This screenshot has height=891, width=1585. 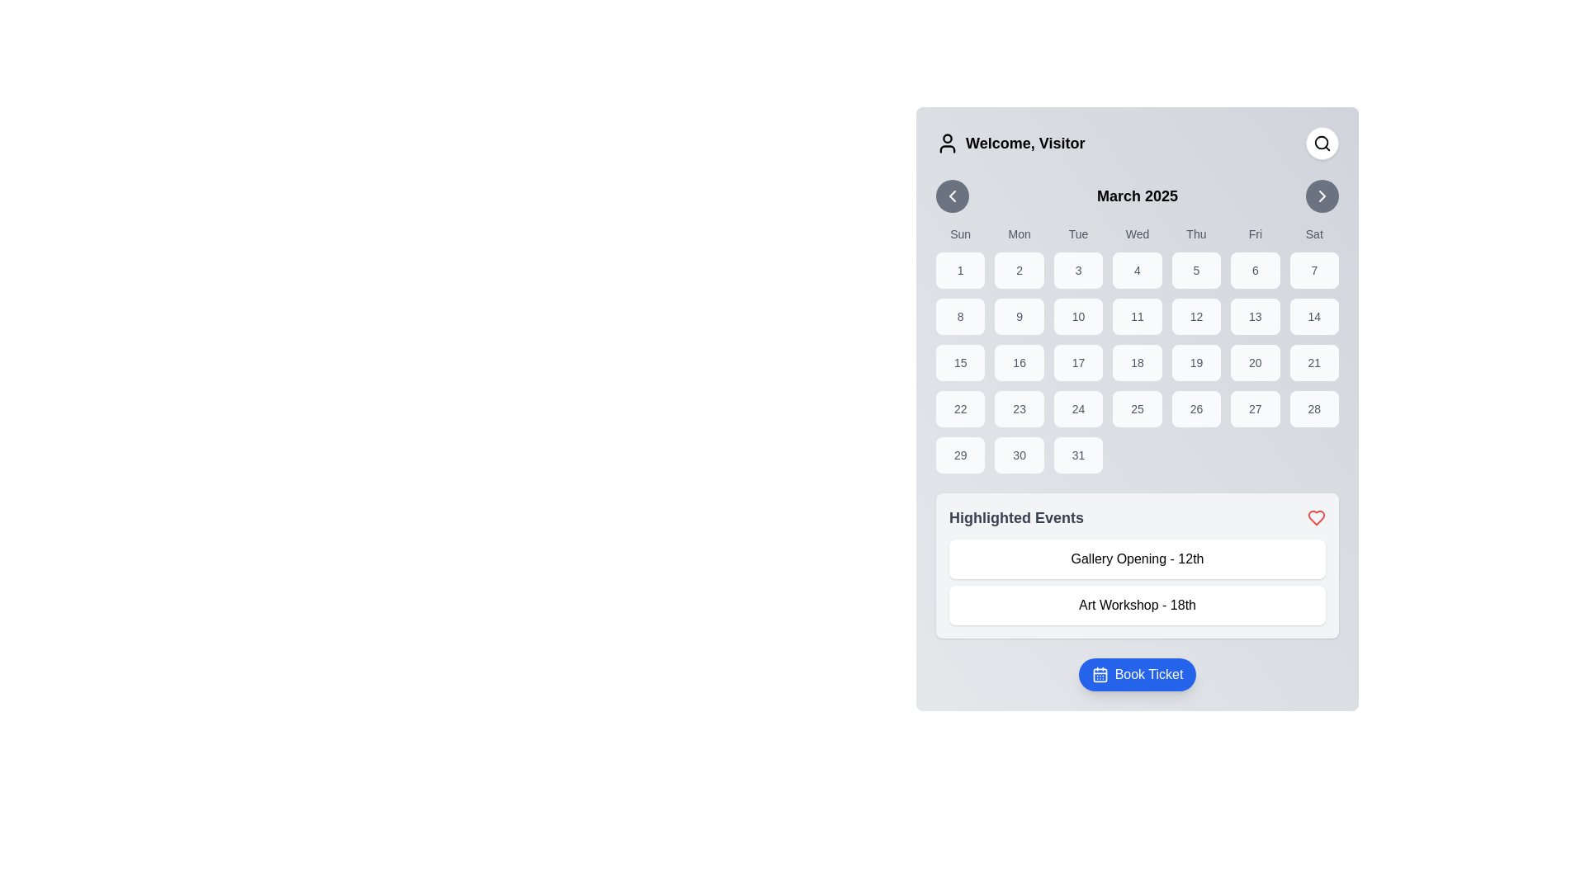 What do you see at coordinates (1136, 196) in the screenshot?
I see `the bold text label displaying 'March 2025', which is centrally positioned at the top of the calendar widget` at bounding box center [1136, 196].